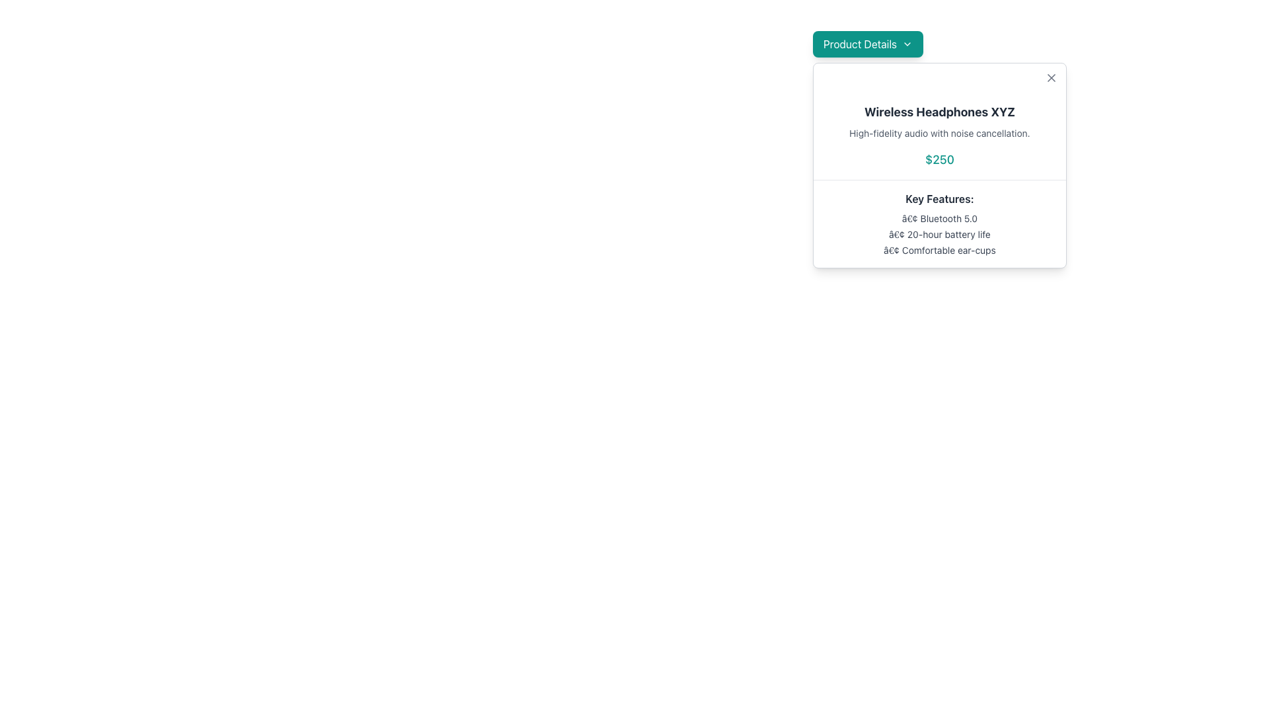 The image size is (1269, 714). Describe the element at coordinates (939, 159) in the screenshot. I see `the text displaying '$250' which is prominently positioned in a large, teal-colored font, located below 'High-fidelity audio with noise cancellation.' and above 'Key Features' in the product information card for 'Wireless Headphones XYZ'` at that location.